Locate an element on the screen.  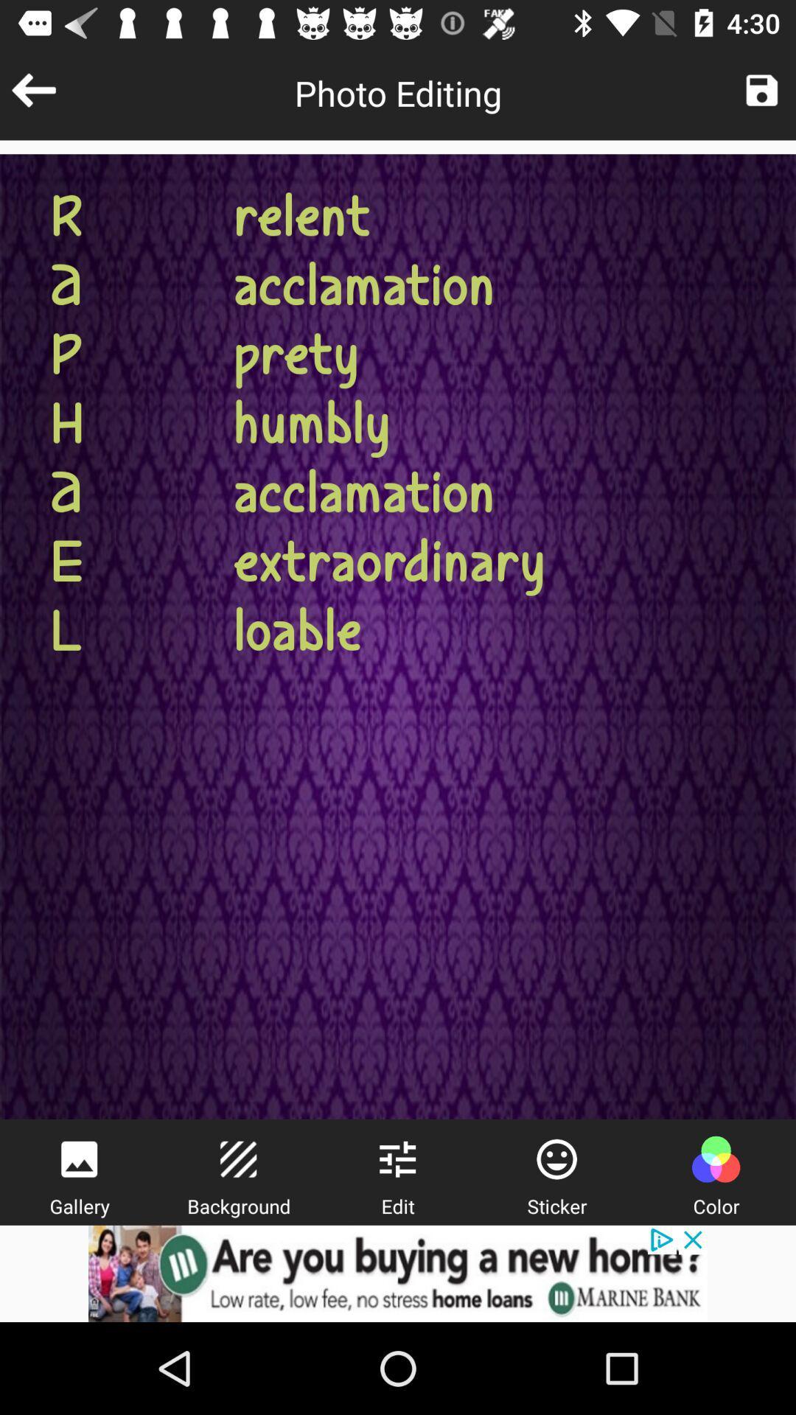
the sliders icon is located at coordinates (397, 1159).